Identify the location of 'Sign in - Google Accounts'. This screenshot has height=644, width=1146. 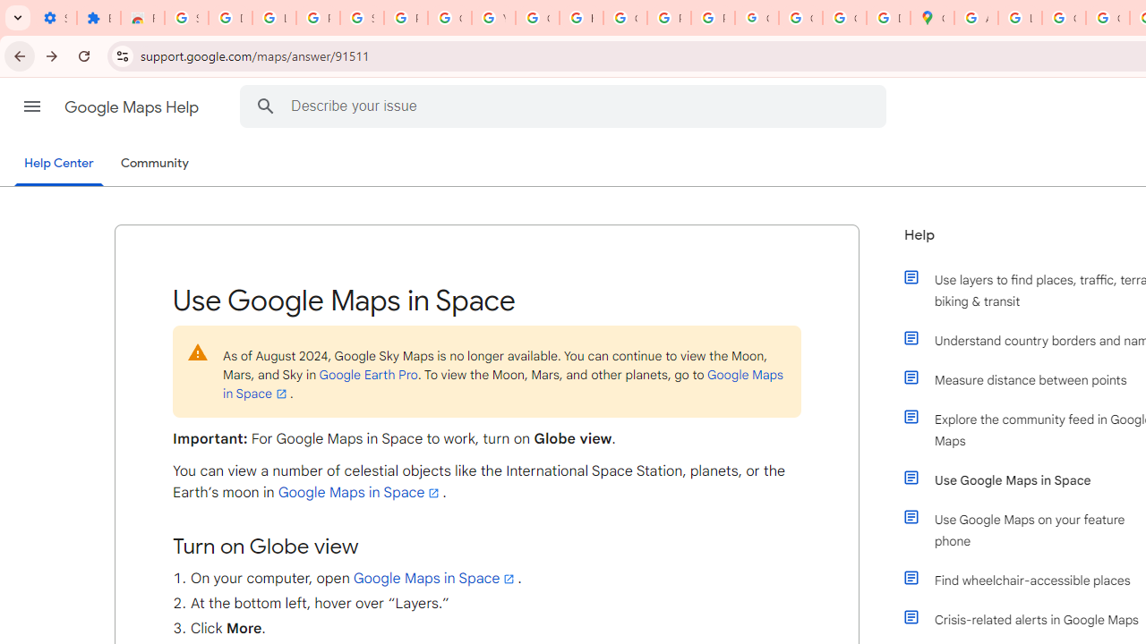
(186, 18).